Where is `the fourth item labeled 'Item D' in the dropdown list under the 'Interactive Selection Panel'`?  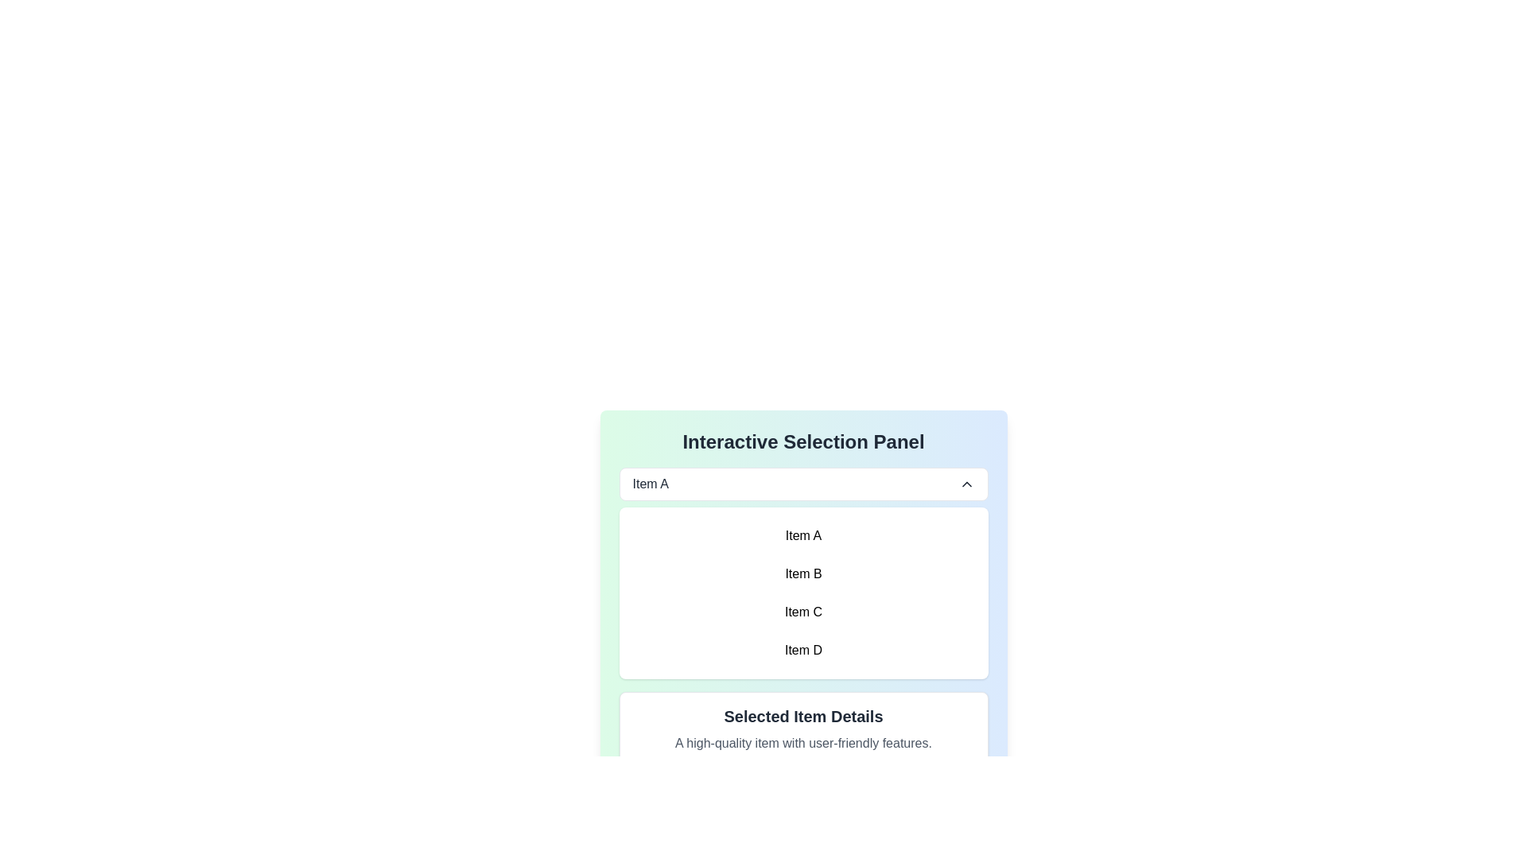
the fourth item labeled 'Item D' in the dropdown list under the 'Interactive Selection Panel' is located at coordinates (803, 650).